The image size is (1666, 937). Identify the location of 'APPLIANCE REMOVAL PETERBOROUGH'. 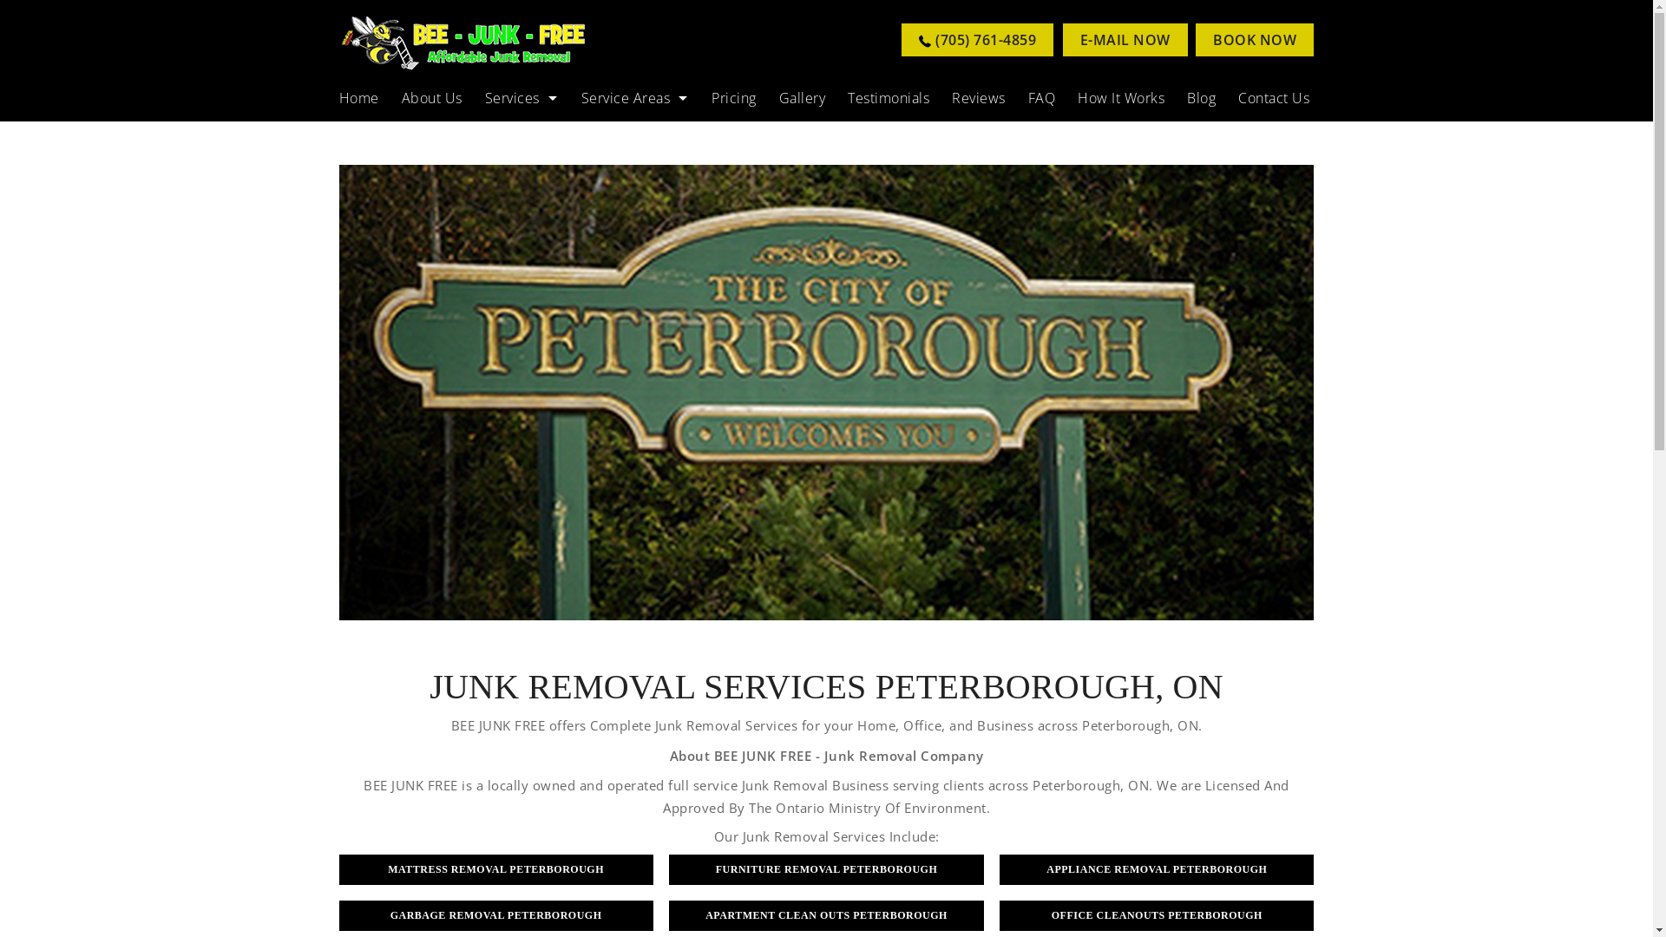
(1157, 868).